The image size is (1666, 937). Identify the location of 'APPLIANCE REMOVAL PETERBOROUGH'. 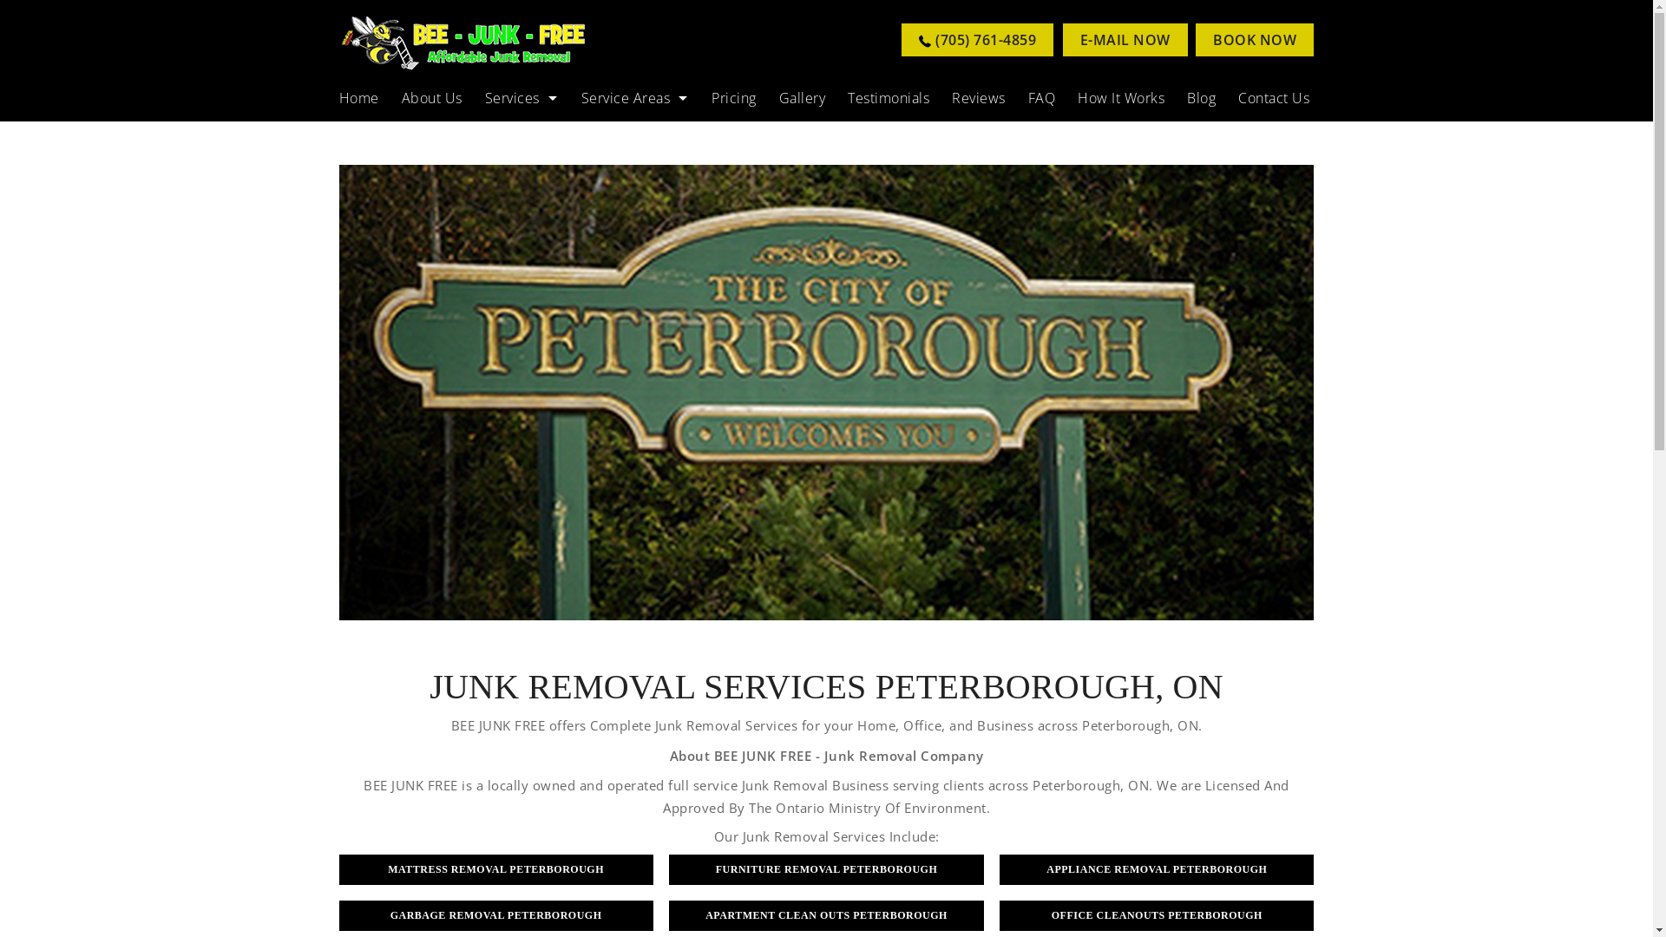
(1157, 868).